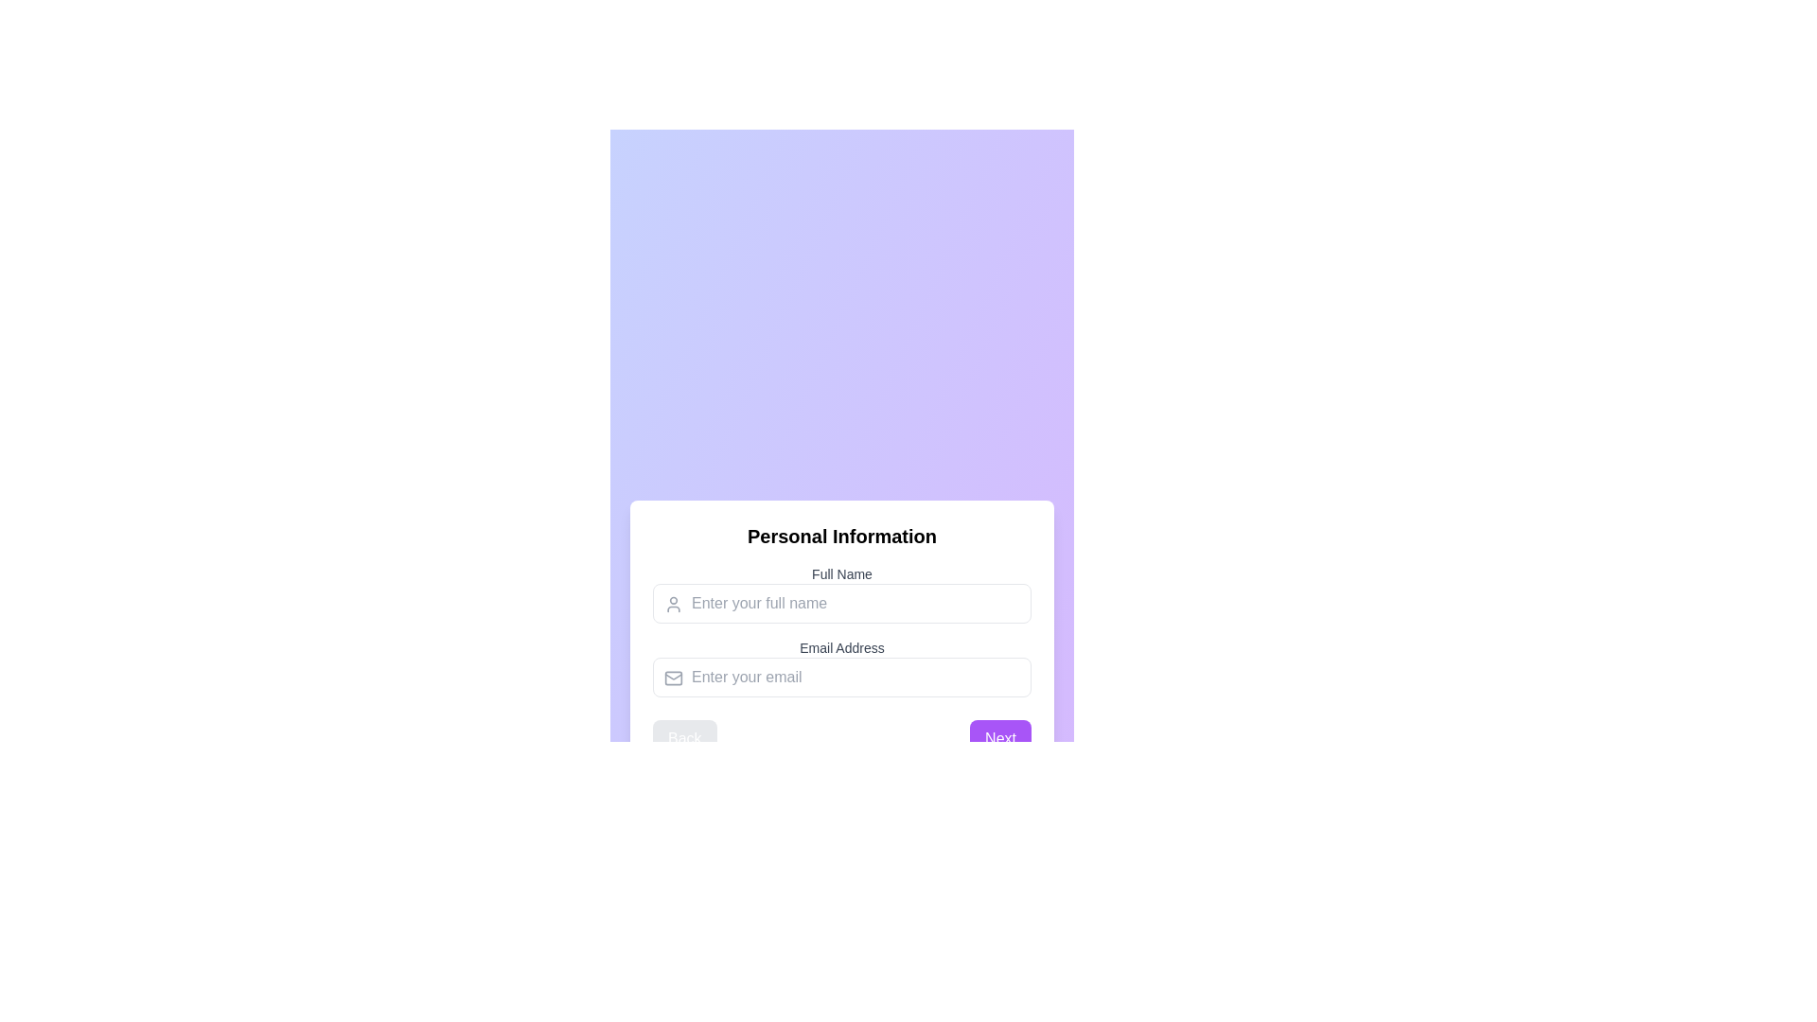  Describe the element at coordinates (840, 666) in the screenshot. I see `the email input field, which has a placeholder saying 'Enter your email' and is positioned below the 'Full Name' field in the 'Personal Information' section` at that location.